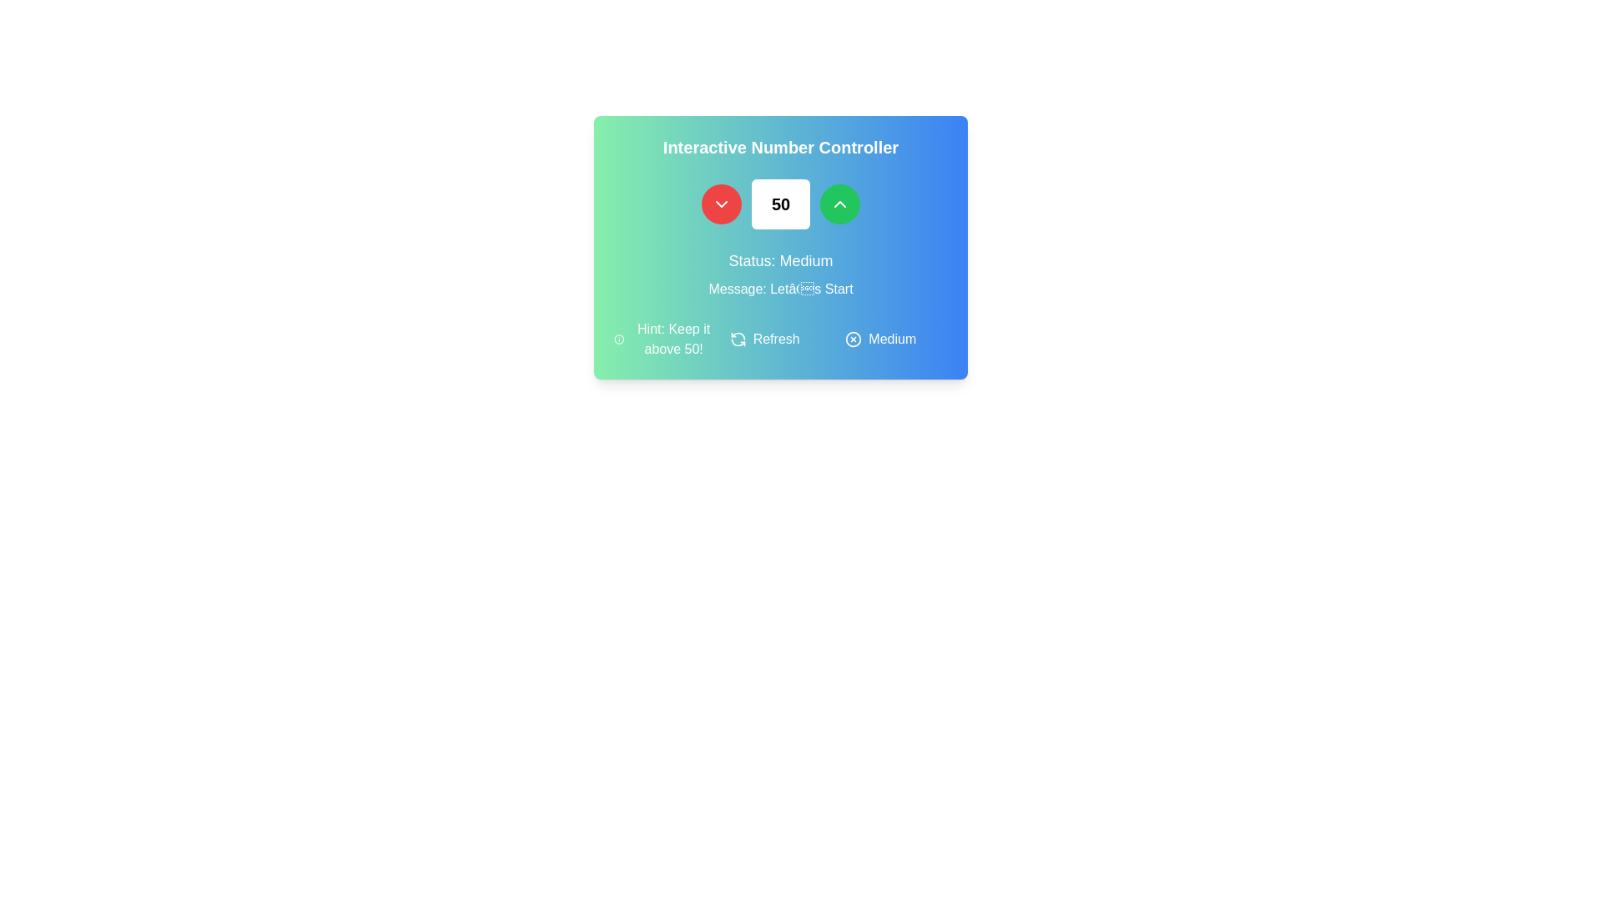  I want to click on the static informational text labeled 'Hint: Keep it above 50!' displayed in white font over a gradient green-blue background, which includes a small circular icon with an 'i' to its left, so click(664, 339).